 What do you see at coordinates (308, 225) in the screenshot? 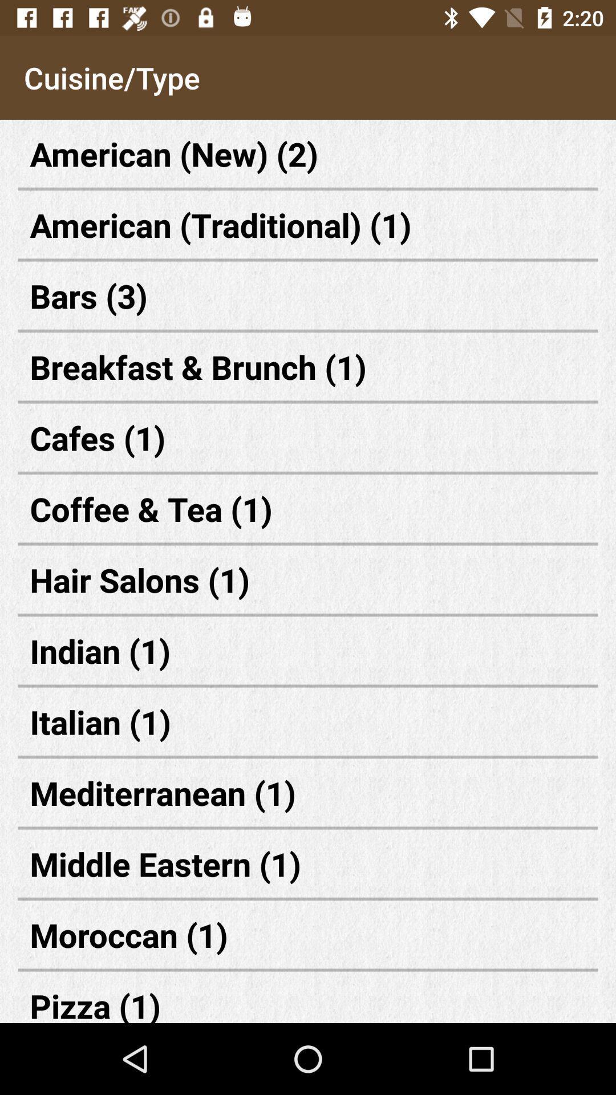
I see `american traditional 1` at bounding box center [308, 225].